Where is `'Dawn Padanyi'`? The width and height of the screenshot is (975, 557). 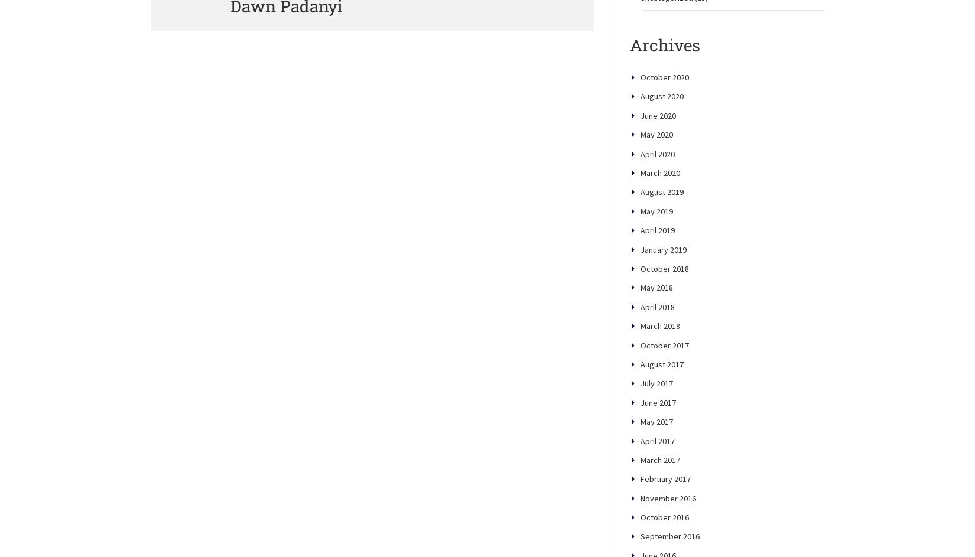 'Dawn Padanyi' is located at coordinates (285, 46).